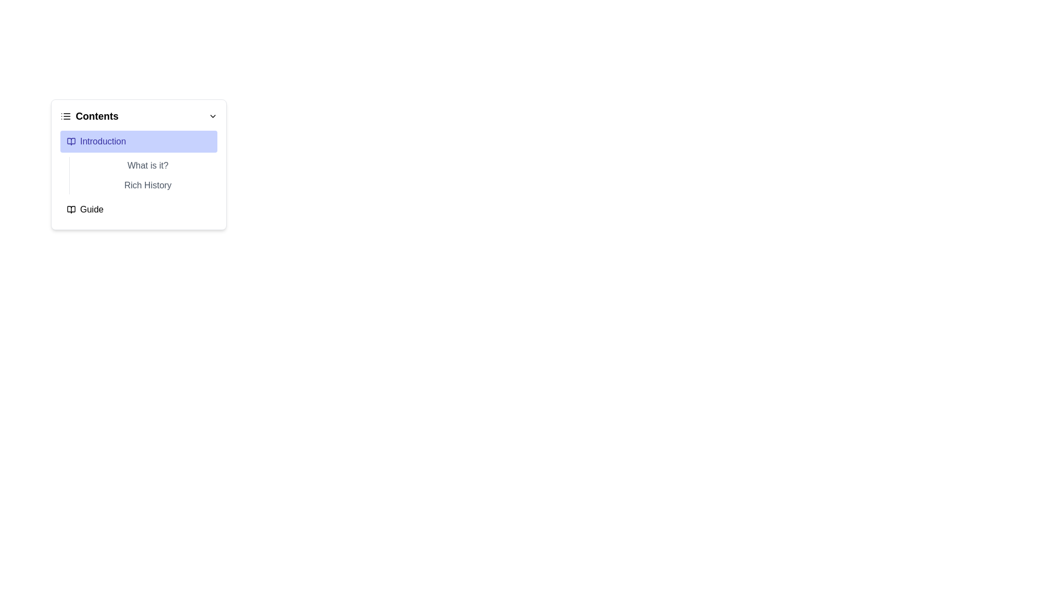 The height and width of the screenshot is (593, 1054). What do you see at coordinates (70, 141) in the screenshot?
I see `the icon indicating the 'Introduction' section in the vertical menu, which is located to the left of the 'Introduction' text` at bounding box center [70, 141].